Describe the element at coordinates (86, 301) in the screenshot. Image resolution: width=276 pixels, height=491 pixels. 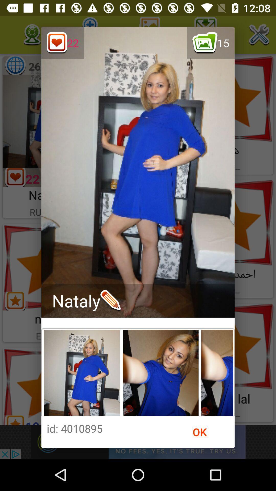
I see `nataly` at that location.